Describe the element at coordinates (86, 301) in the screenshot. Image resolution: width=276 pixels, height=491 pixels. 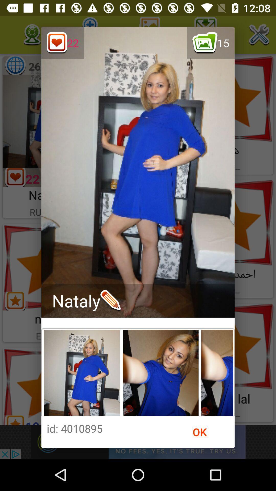
I see `nataly` at that location.